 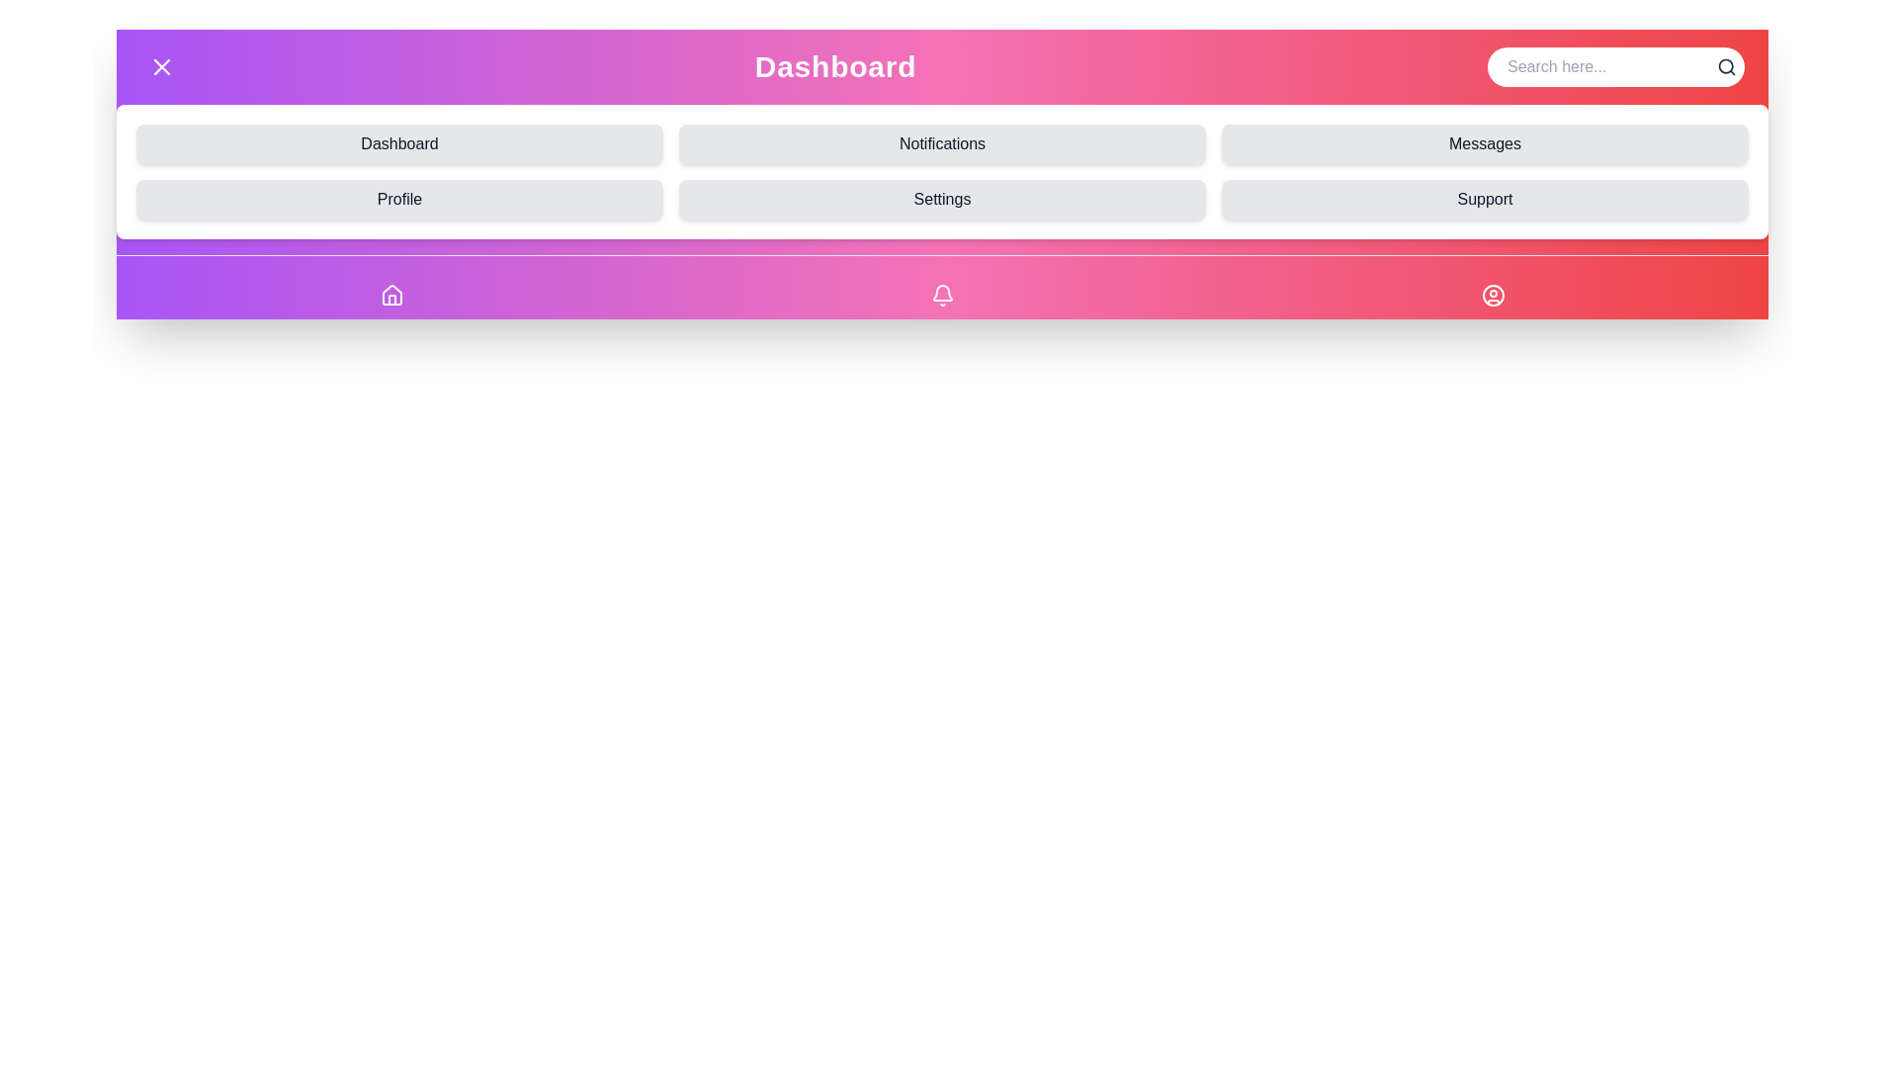 What do you see at coordinates (161, 66) in the screenshot?
I see `button at the top-left corner of the component to toggle the menu visibility` at bounding box center [161, 66].